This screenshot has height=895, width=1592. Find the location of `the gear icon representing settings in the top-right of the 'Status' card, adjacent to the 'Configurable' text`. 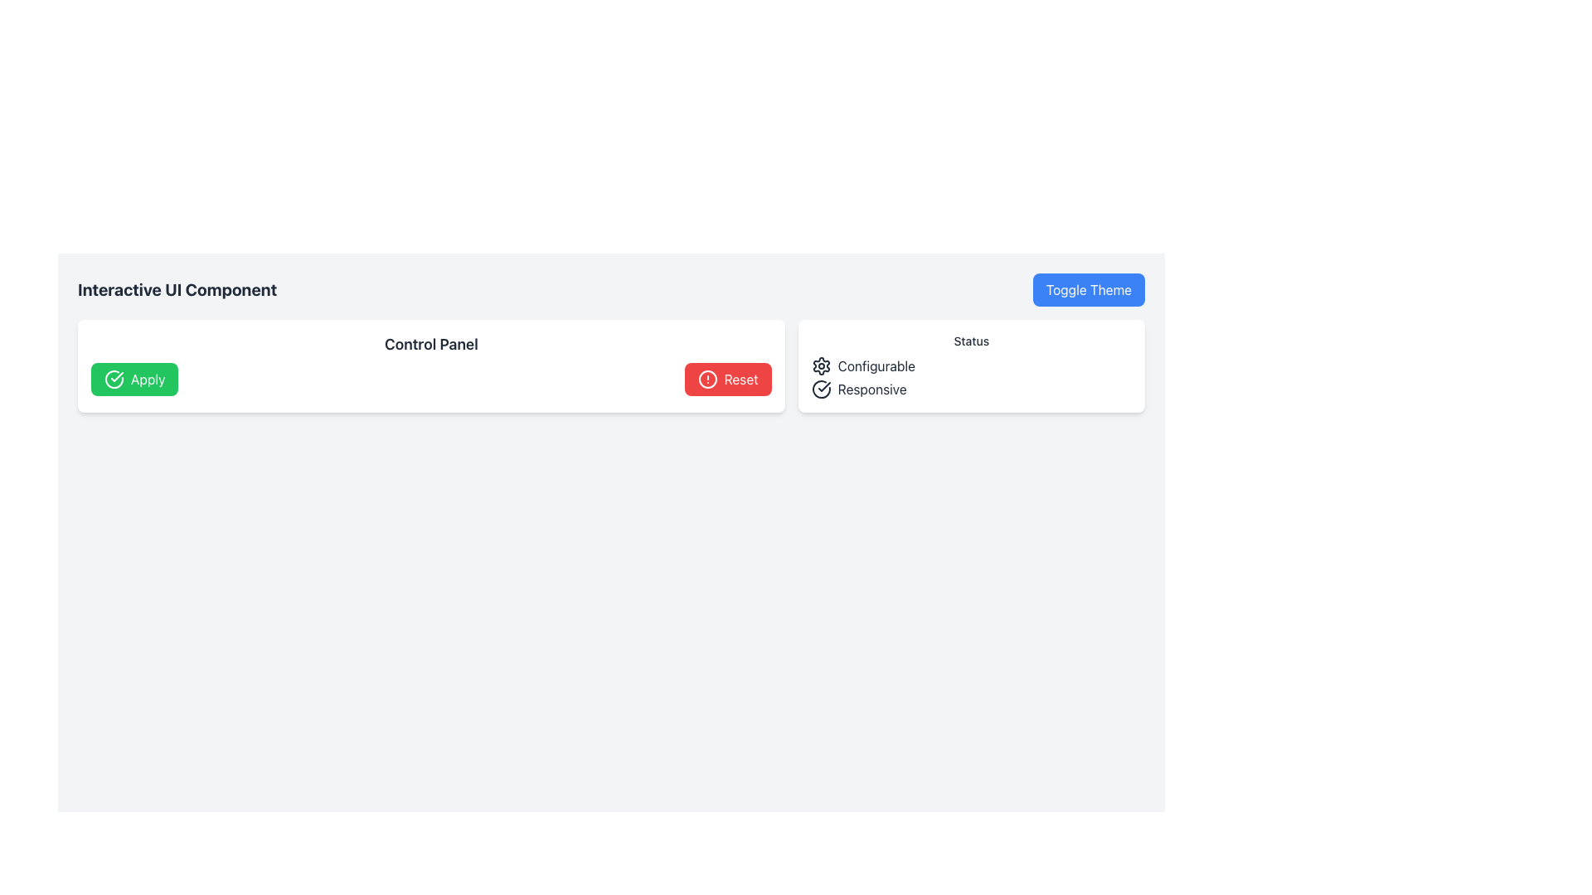

the gear icon representing settings in the top-right of the 'Status' card, adjacent to the 'Configurable' text is located at coordinates (821, 365).